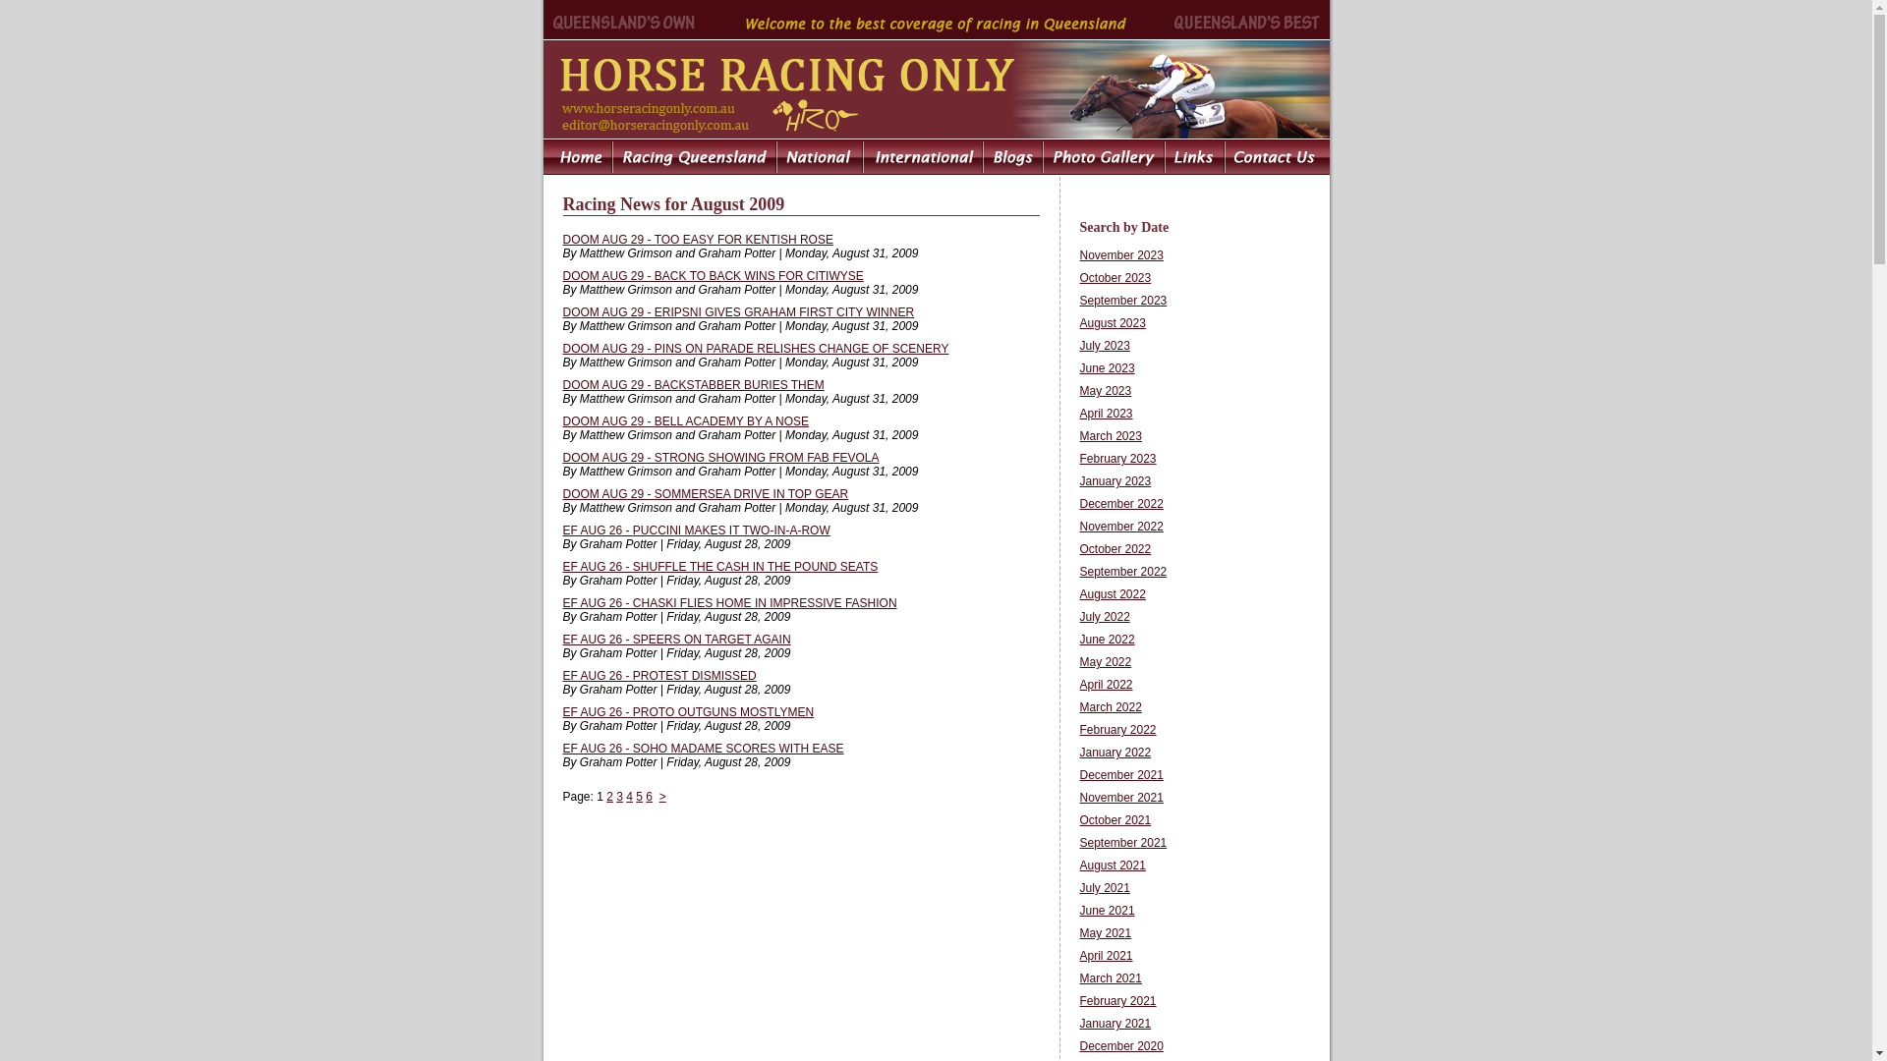  Describe the element at coordinates (605, 796) in the screenshot. I see `'2'` at that location.